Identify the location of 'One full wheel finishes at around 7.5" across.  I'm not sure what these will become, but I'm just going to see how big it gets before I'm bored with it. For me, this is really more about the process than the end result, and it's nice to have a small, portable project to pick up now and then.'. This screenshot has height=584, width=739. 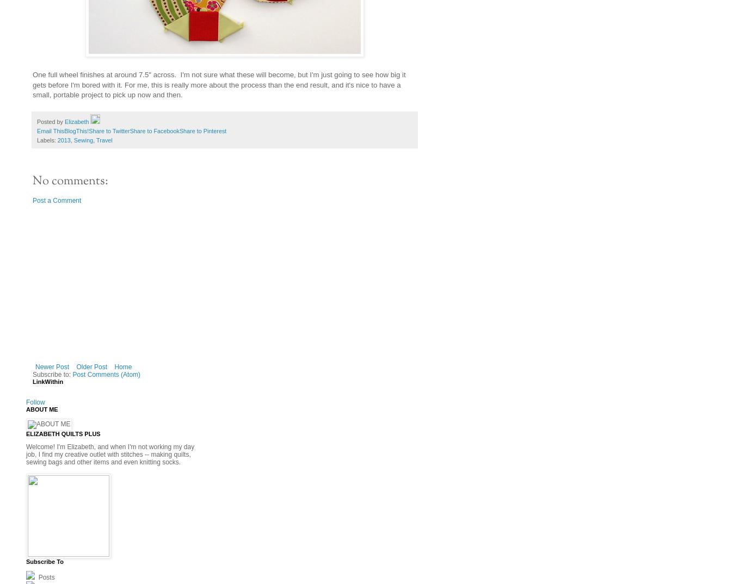
(33, 84).